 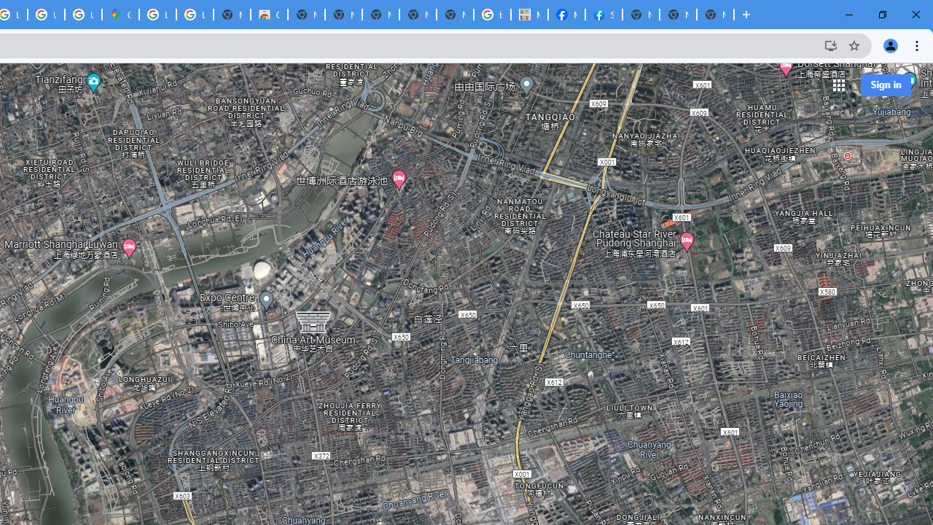 I want to click on 'New Tab', so click(x=715, y=15).